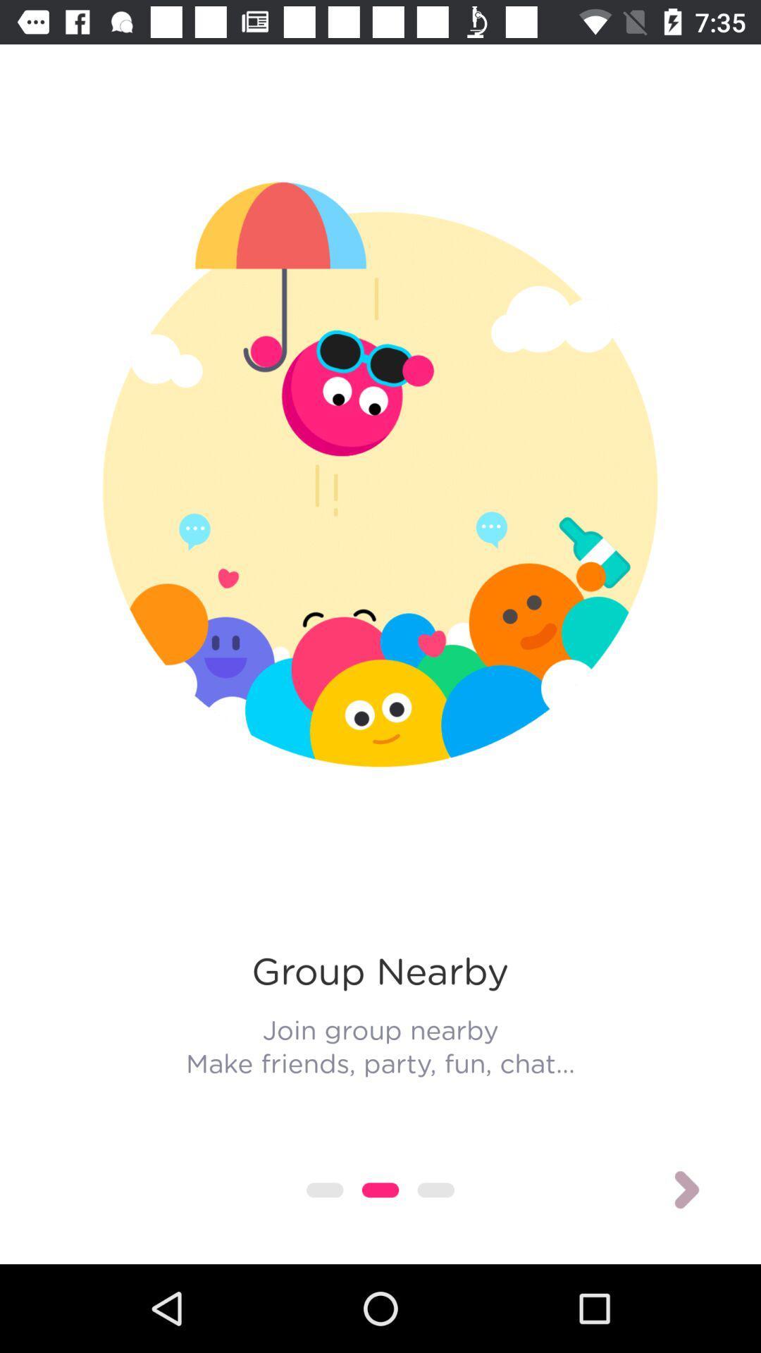 This screenshot has height=1353, width=761. What do you see at coordinates (686, 1190) in the screenshot?
I see `icon at the bottom right corner` at bounding box center [686, 1190].